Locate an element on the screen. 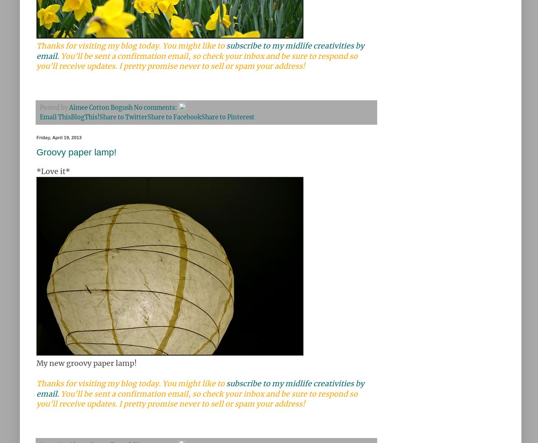 Image resolution: width=538 pixels, height=443 pixels. 'Aimee Cotton Bogush' is located at coordinates (101, 107).